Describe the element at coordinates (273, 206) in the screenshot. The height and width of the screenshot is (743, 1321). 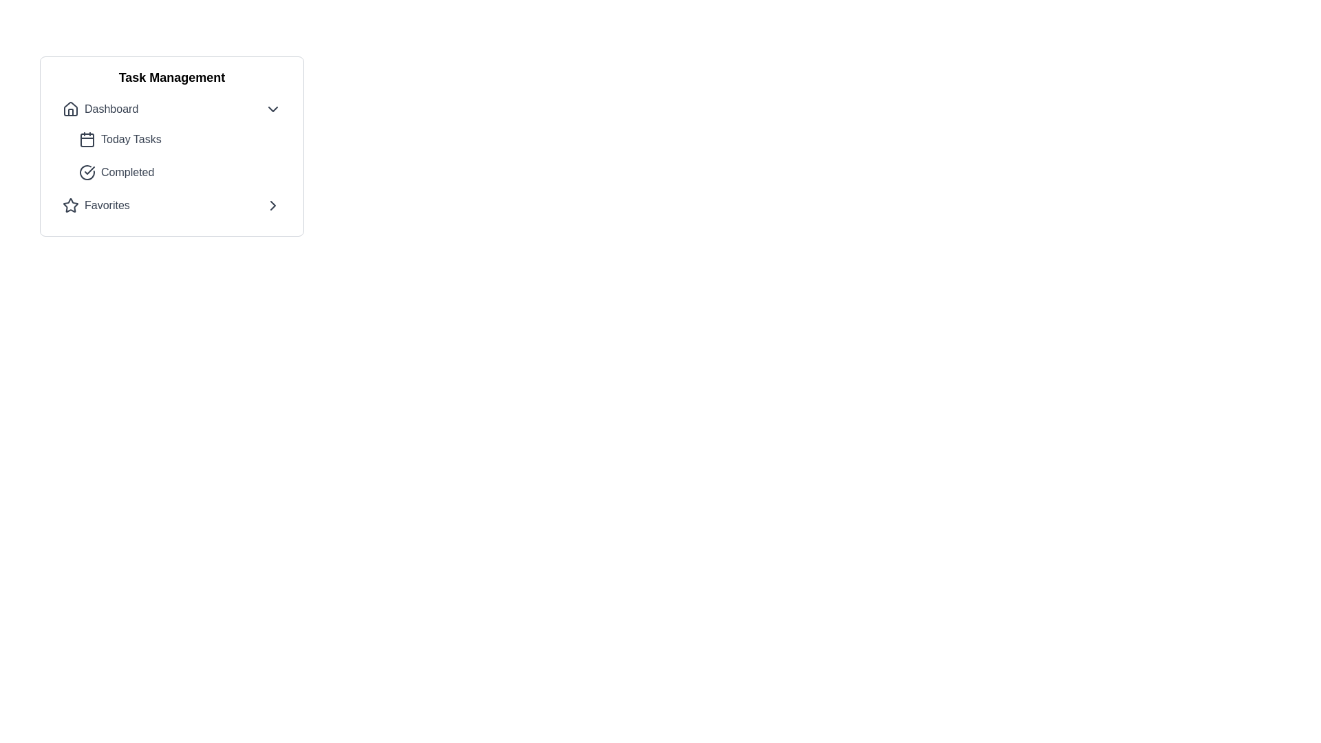
I see `the right-facing arrow icon located in the navigation menu under the 'Favorites' section` at that location.